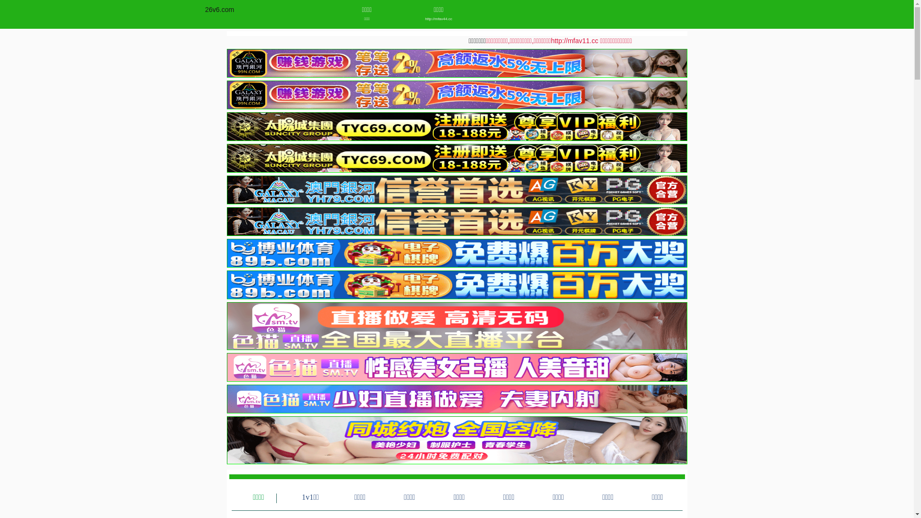  Describe the element at coordinates (438, 19) in the screenshot. I see `'http://mfav44.cc'` at that location.